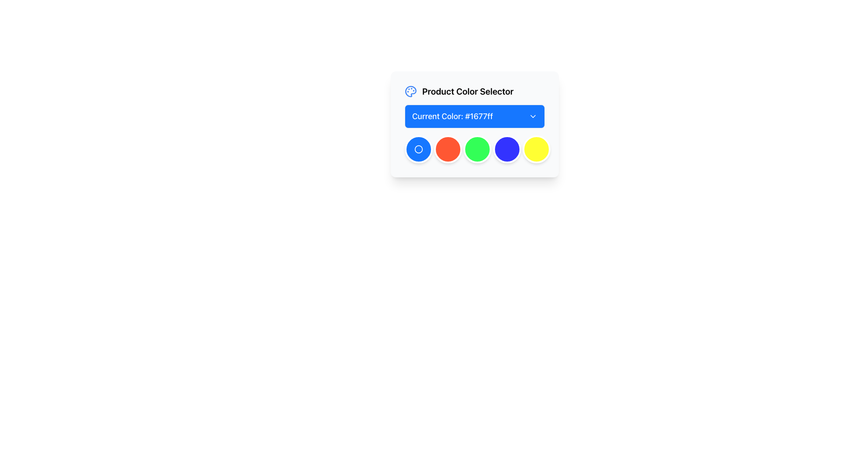 The height and width of the screenshot is (473, 841). Describe the element at coordinates (507, 148) in the screenshot. I see `the fifth circular blue button with a white border in the color selection section` at that location.